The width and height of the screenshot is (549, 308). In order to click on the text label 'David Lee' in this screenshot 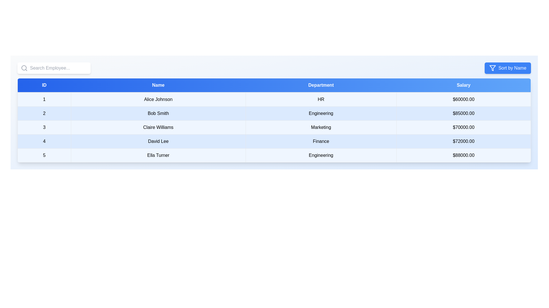, I will do `click(158, 141)`.